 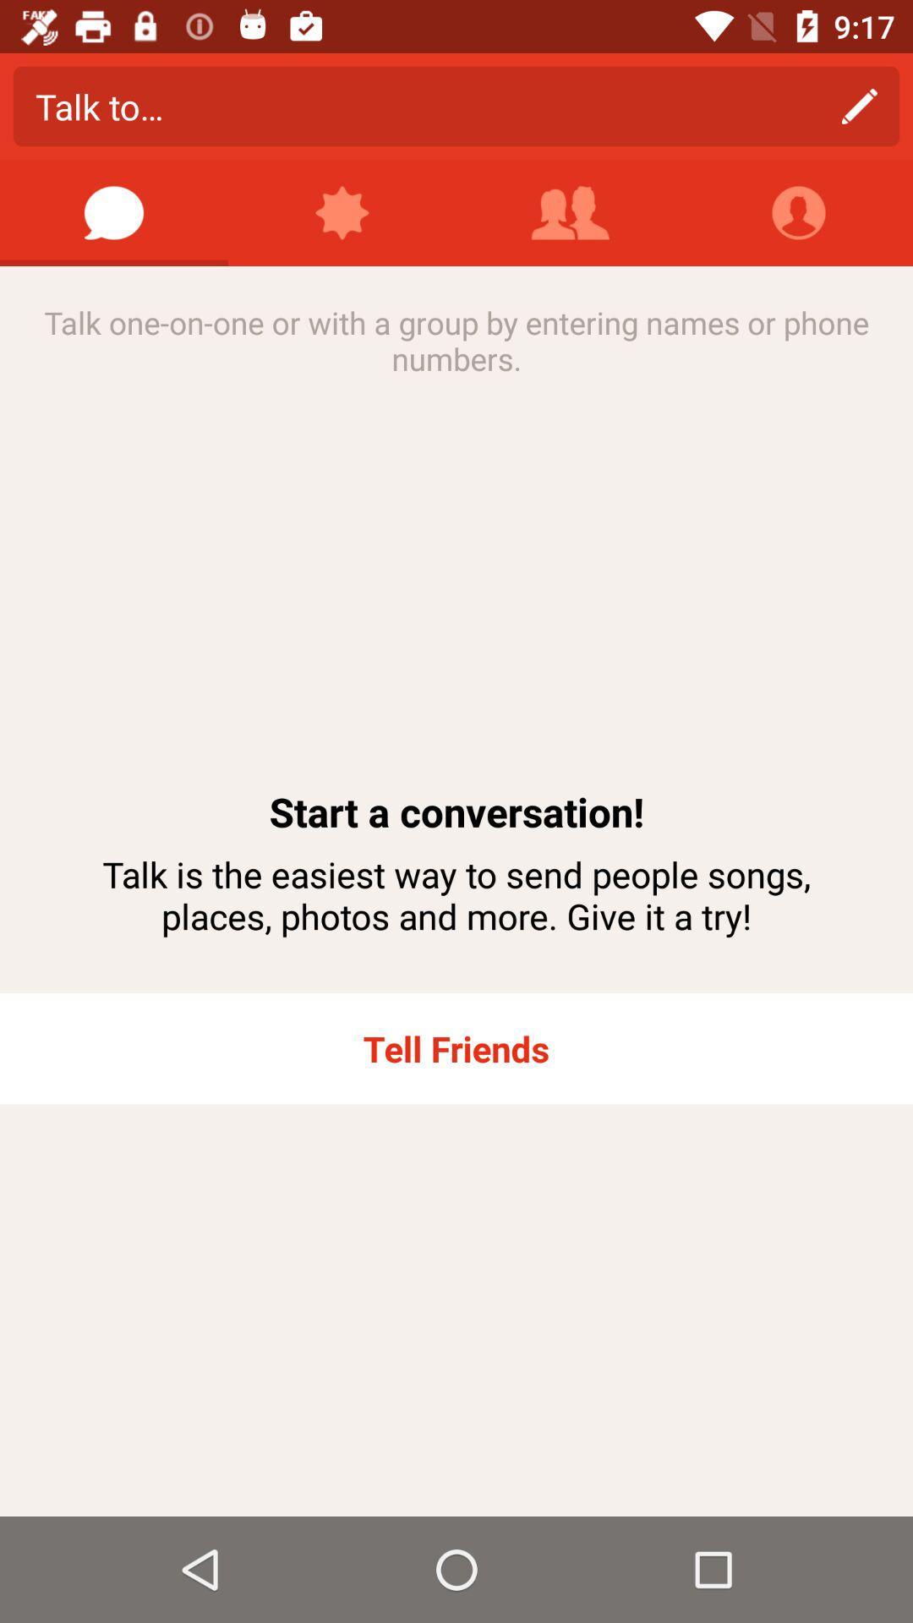 I want to click on the attach_file icon, so click(x=799, y=212).